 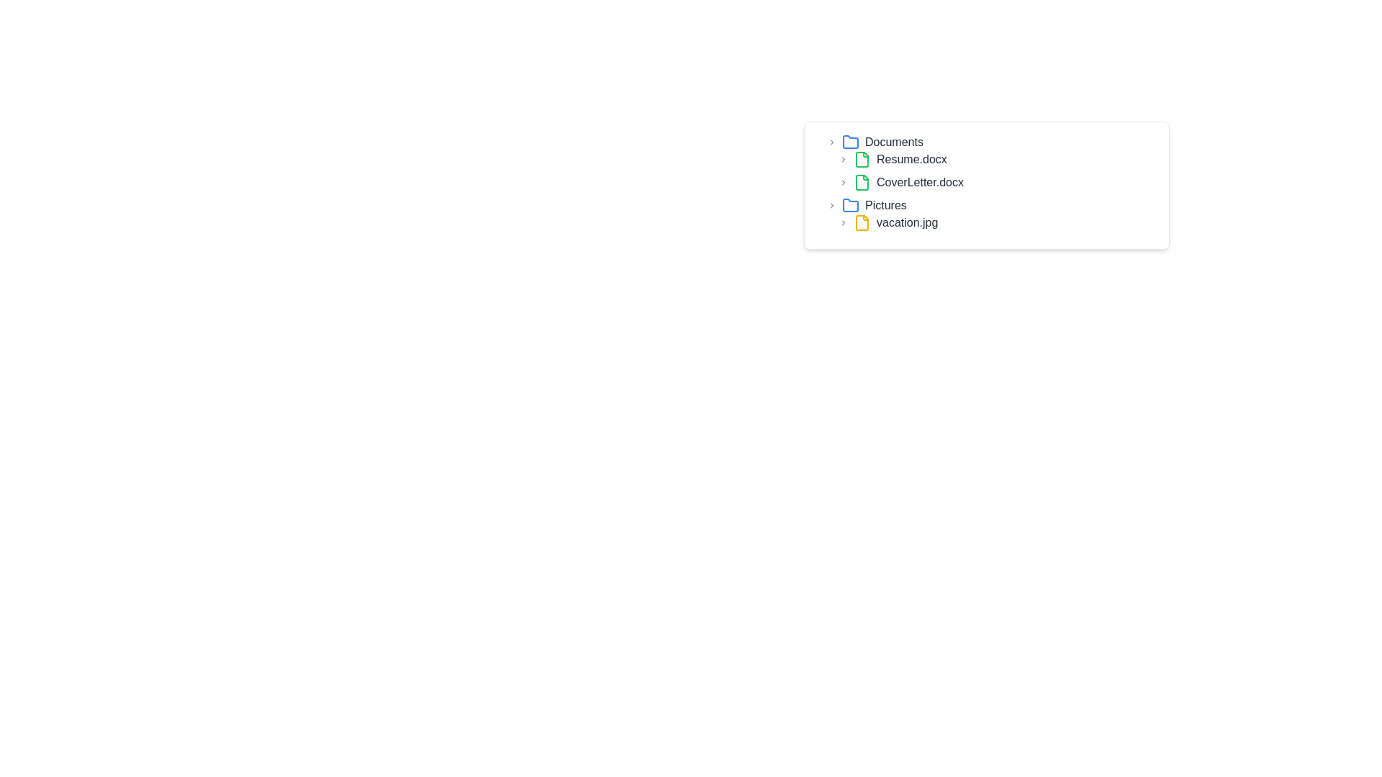 I want to click on the chevron icon to the left of the 'Resume.docx' file in the file navigation panel, so click(x=843, y=160).